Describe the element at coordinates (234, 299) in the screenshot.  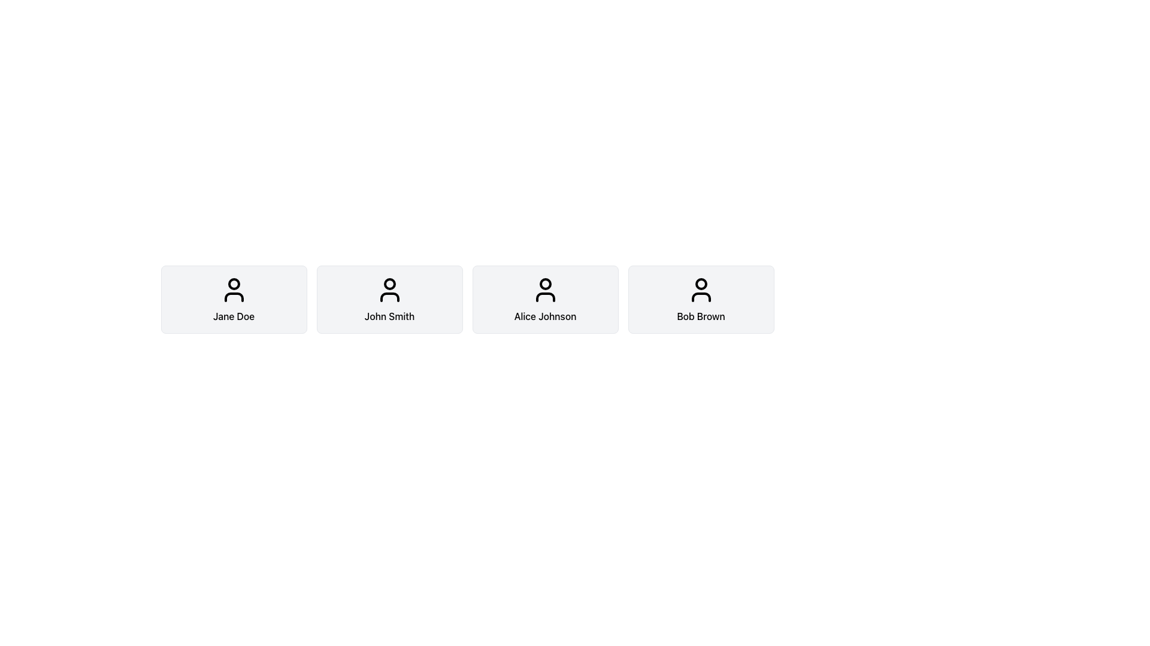
I see `the Profile Card containing the user icon and the text 'Jane Doe', which is the first card in the list of user information cards` at that location.